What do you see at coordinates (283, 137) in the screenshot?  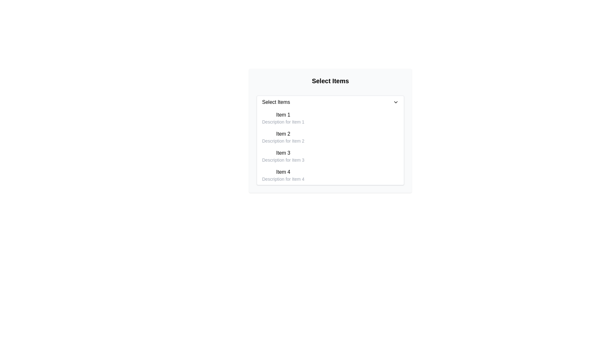 I see `the second item in the dropdown list` at bounding box center [283, 137].